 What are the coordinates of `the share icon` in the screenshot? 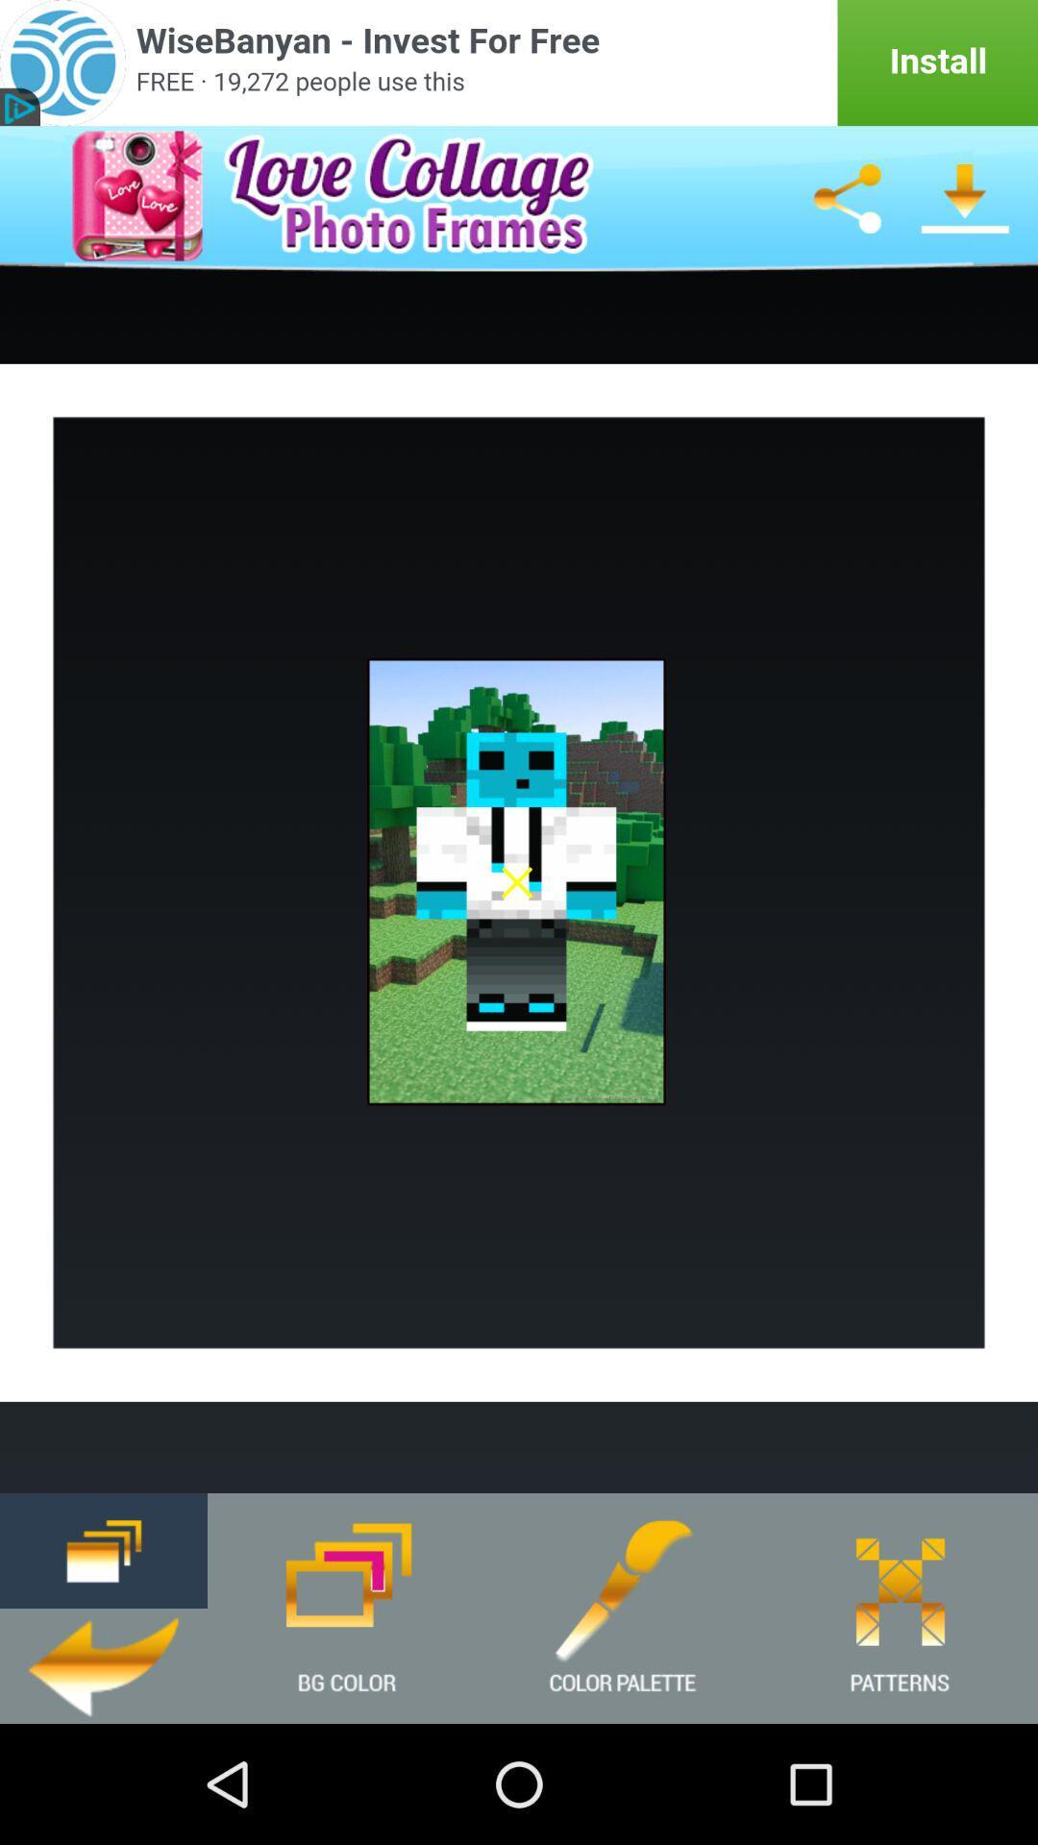 It's located at (846, 212).